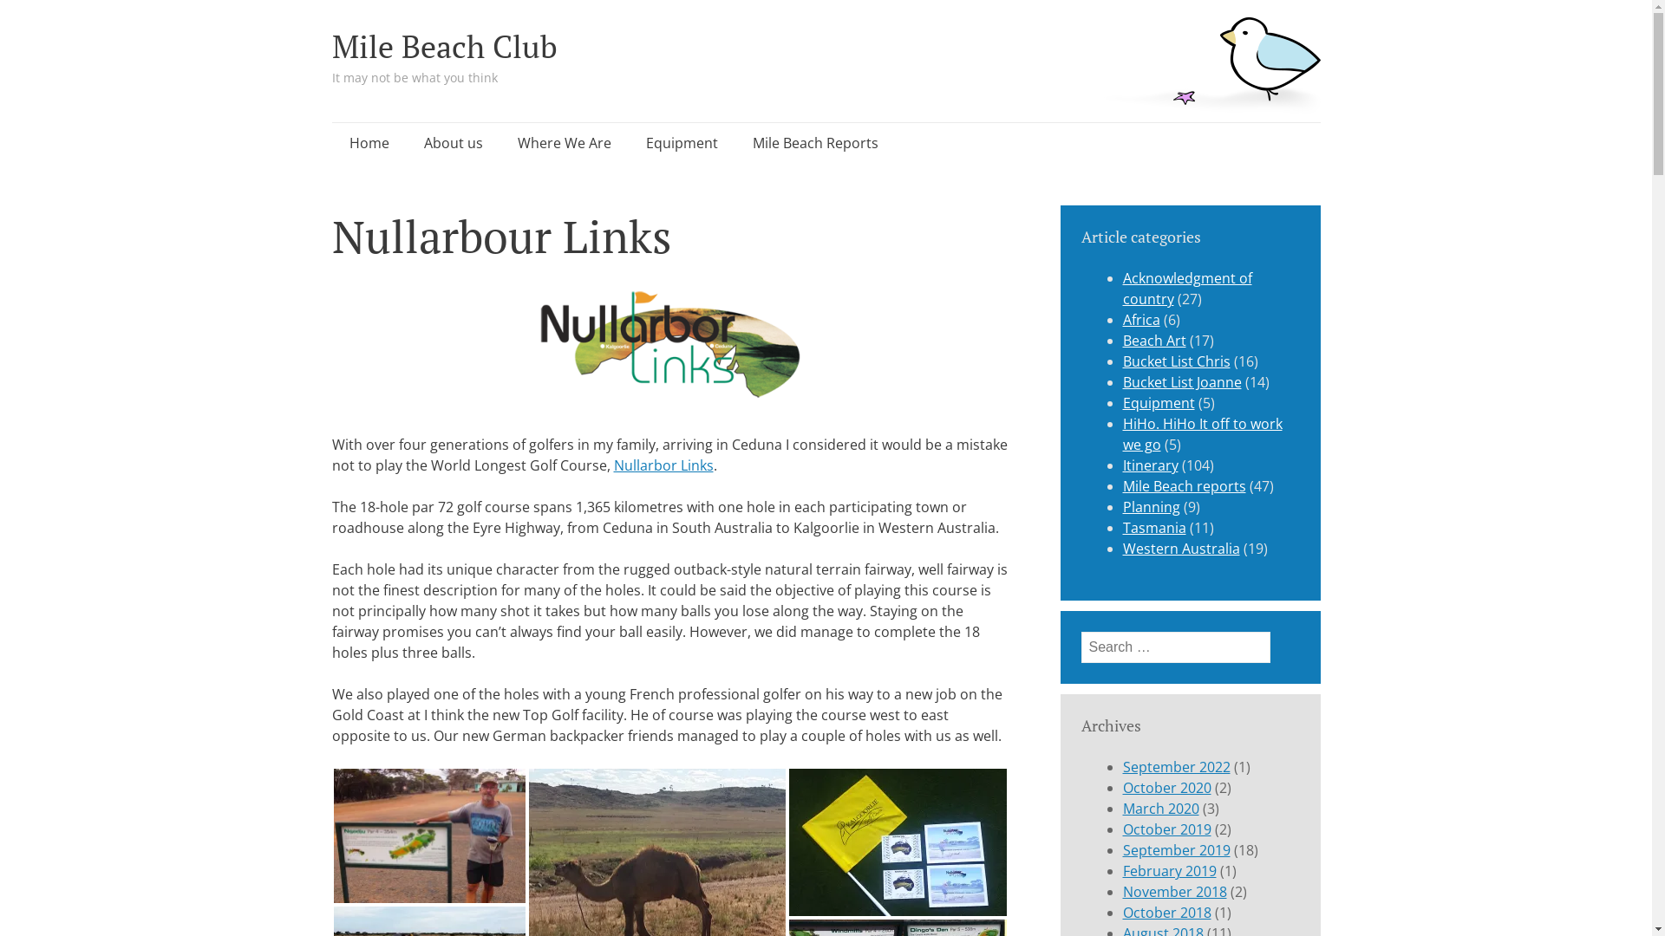 The height and width of the screenshot is (936, 1665). What do you see at coordinates (1149, 464) in the screenshot?
I see `'Itinerary'` at bounding box center [1149, 464].